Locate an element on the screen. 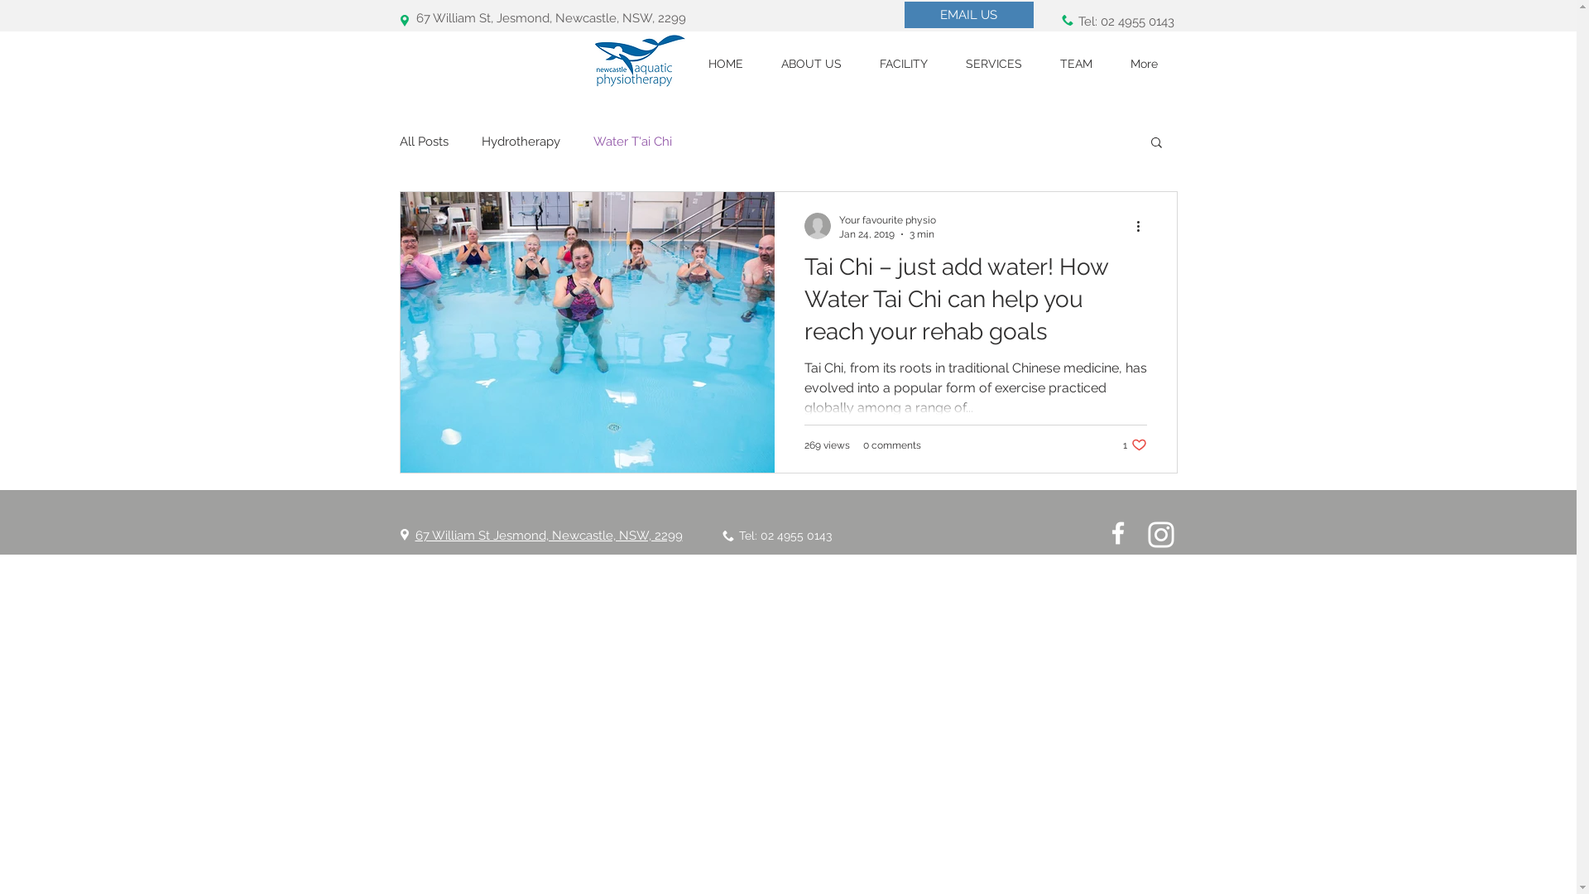  'HOME' is located at coordinates (725, 63).